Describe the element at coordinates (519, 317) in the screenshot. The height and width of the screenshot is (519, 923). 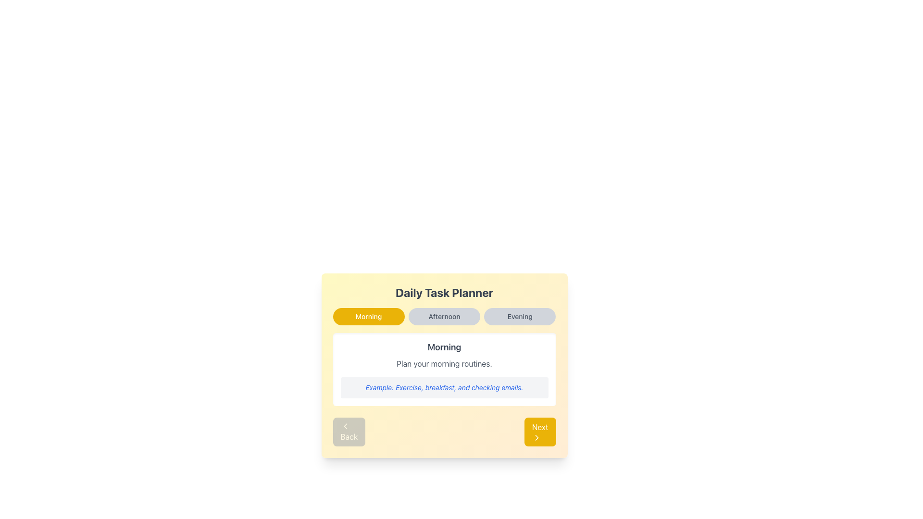
I see `the 'Evening' button located below the title 'Daily Task Planner'` at that location.